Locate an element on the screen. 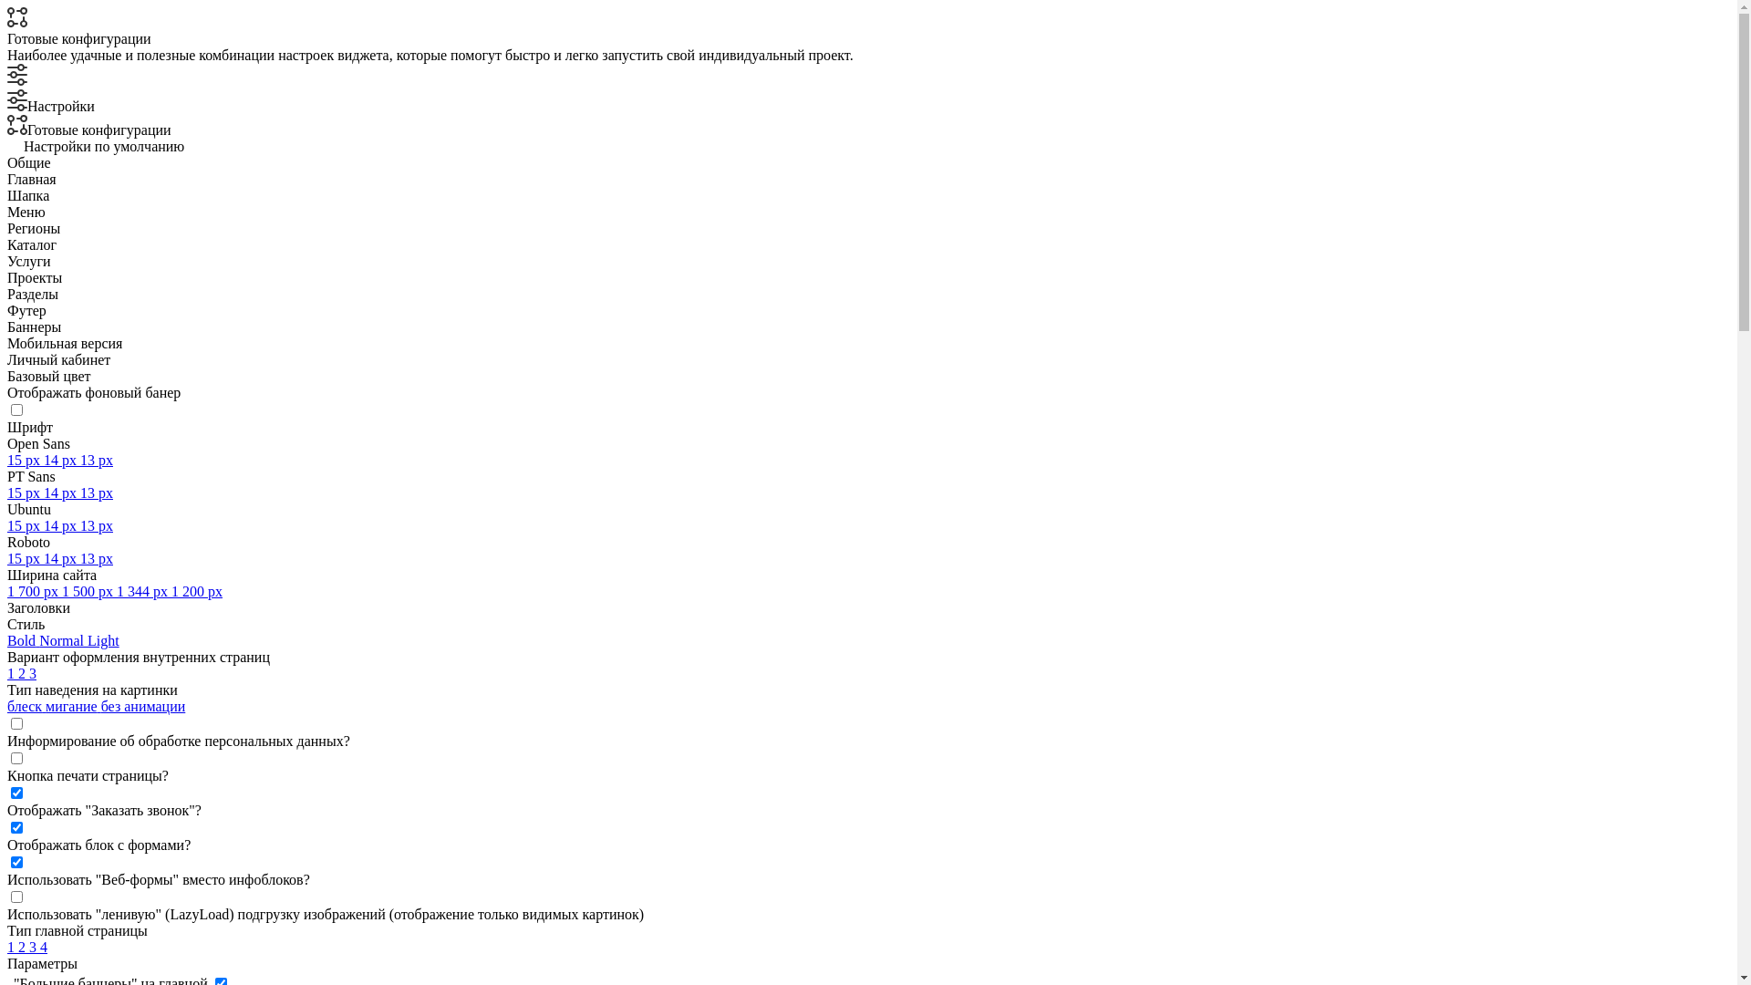 The width and height of the screenshot is (1751, 985). 'Bold' is located at coordinates (23, 639).